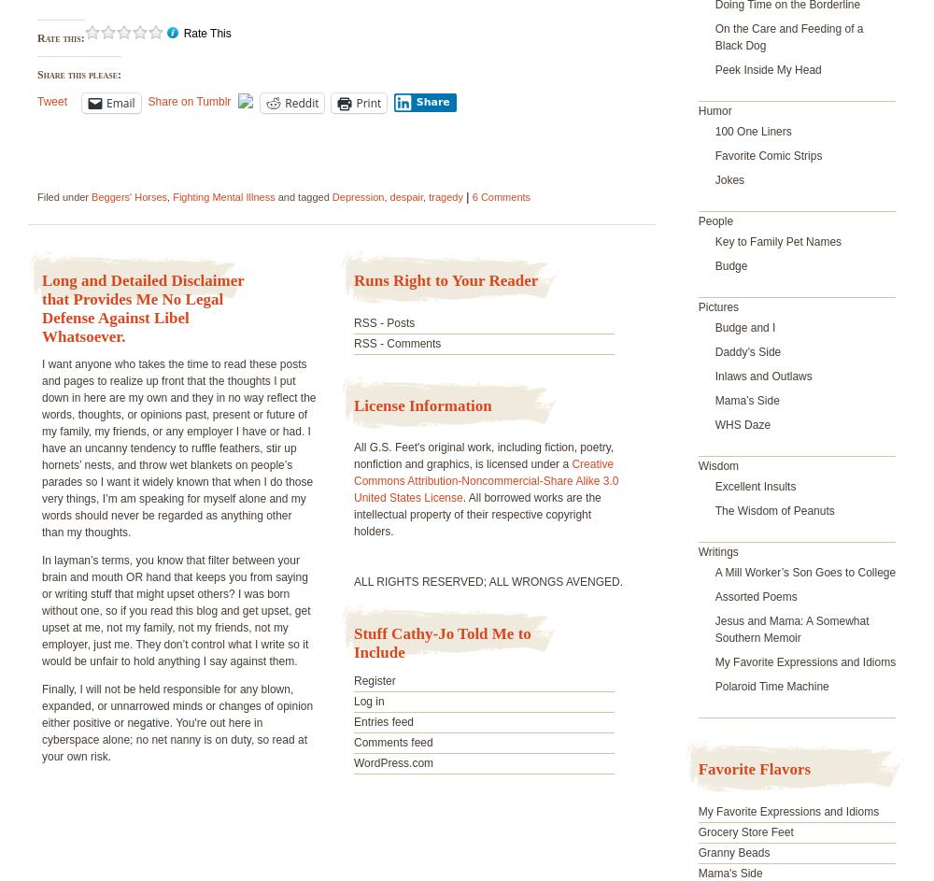  Describe the element at coordinates (762, 376) in the screenshot. I see `'Inlaws and Outlaws'` at that location.